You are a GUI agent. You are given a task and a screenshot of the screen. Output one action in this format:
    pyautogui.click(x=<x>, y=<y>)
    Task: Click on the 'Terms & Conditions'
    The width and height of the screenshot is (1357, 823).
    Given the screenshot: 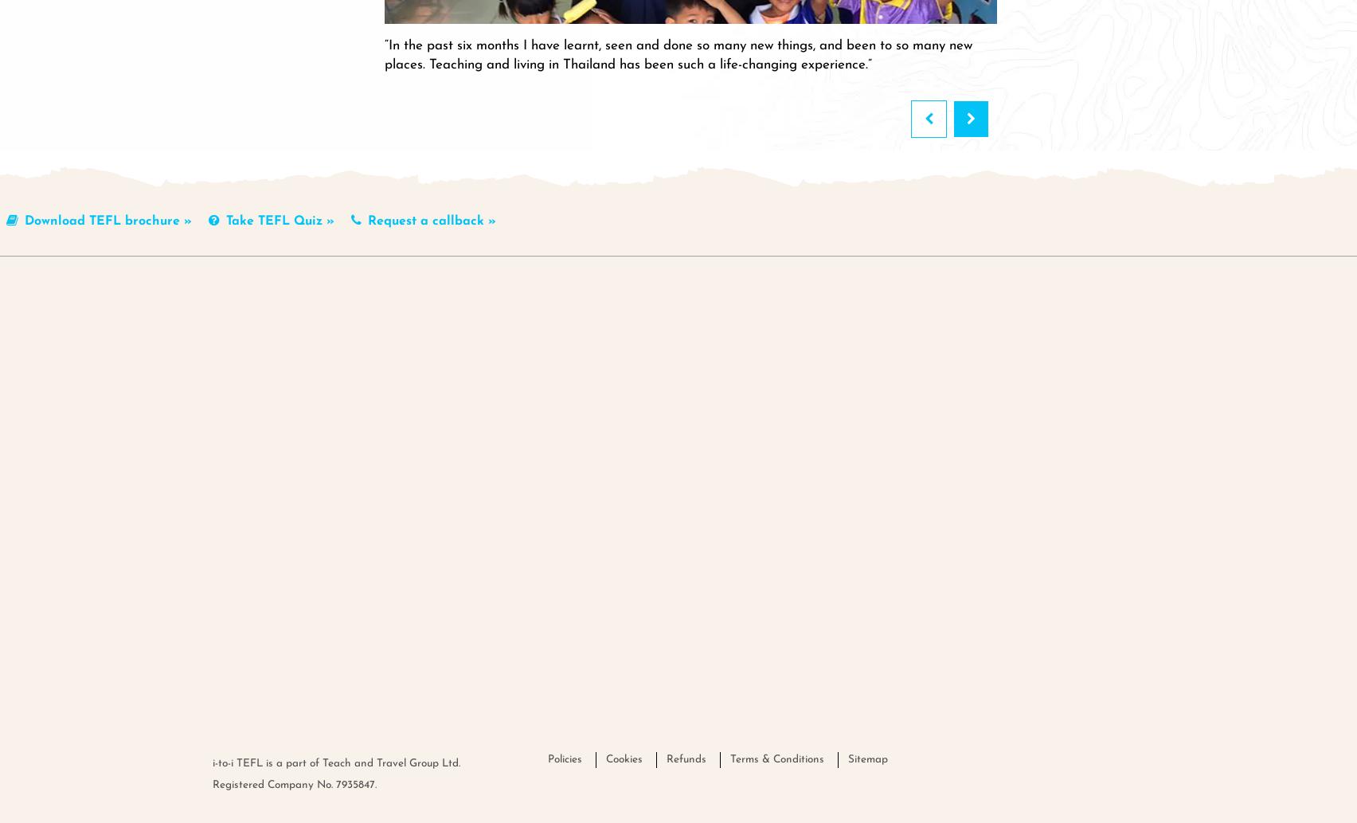 What is the action you would take?
    pyautogui.click(x=777, y=758)
    